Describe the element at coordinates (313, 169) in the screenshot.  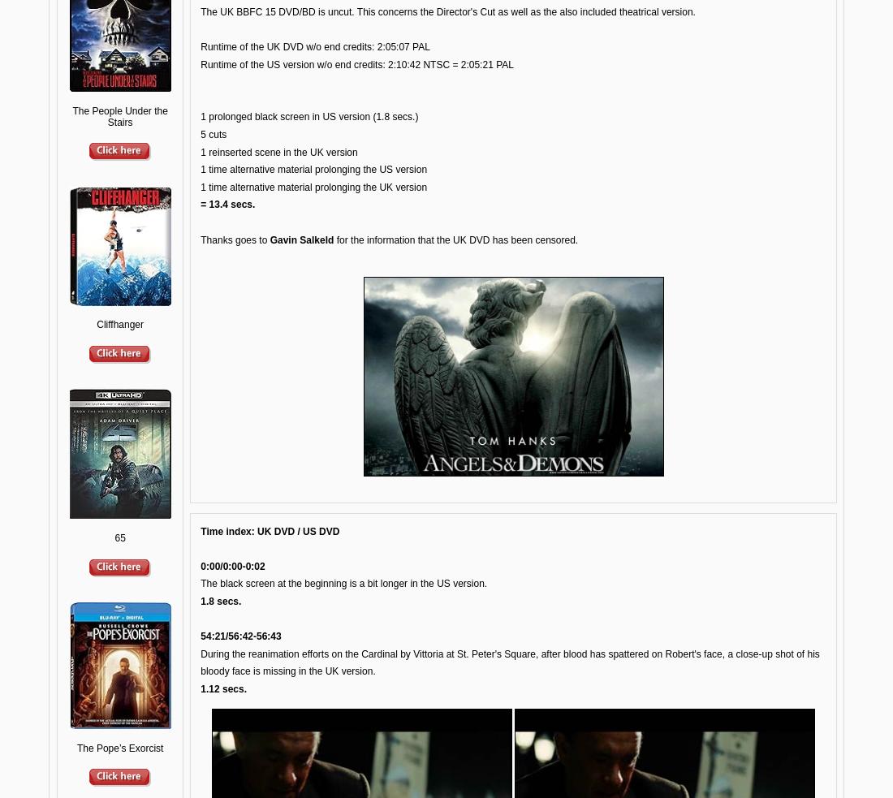
I see `'1 time alternative material prolonging the US version'` at that location.